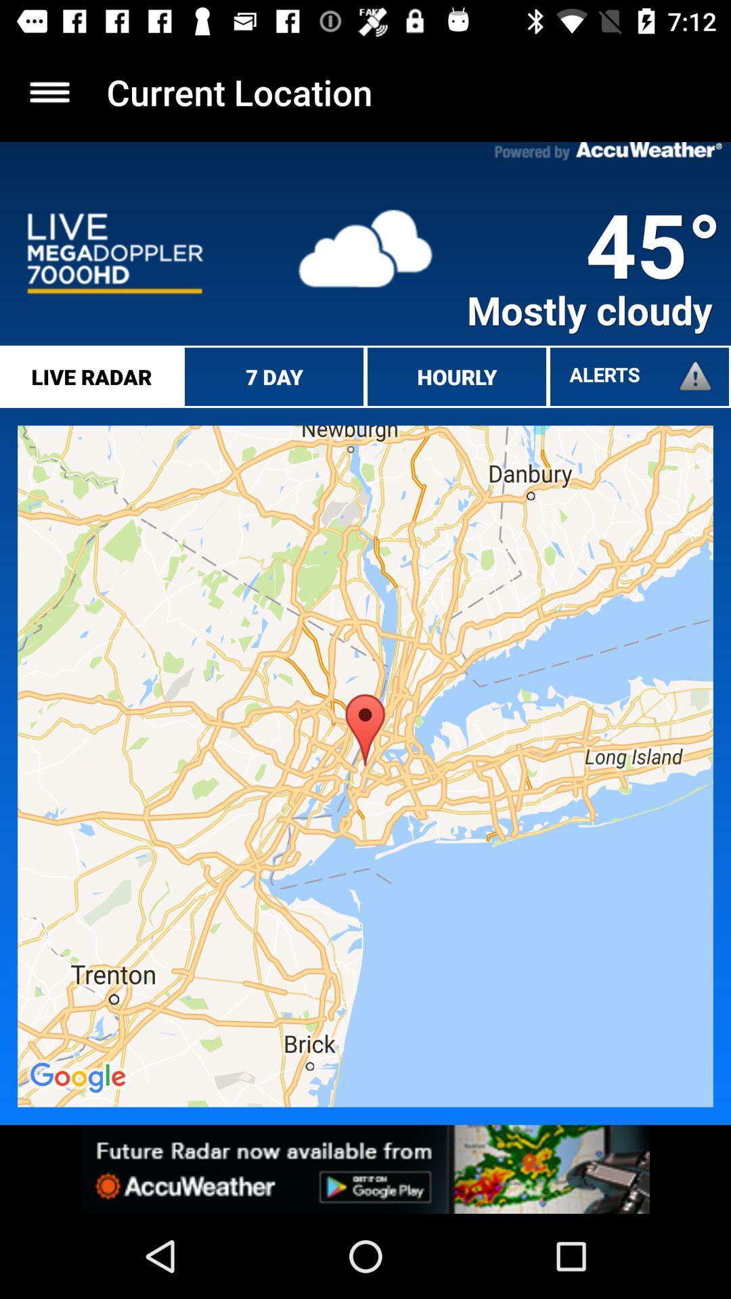 The image size is (731, 1299). Describe the element at coordinates (49, 91) in the screenshot. I see `the menu icon` at that location.